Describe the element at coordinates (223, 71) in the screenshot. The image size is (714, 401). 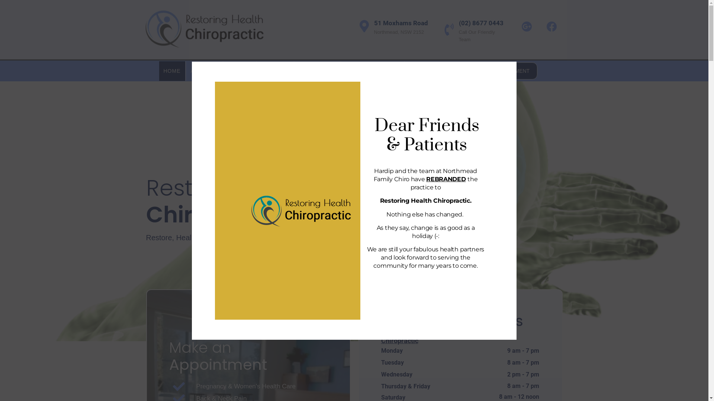
I see `'TEAM'` at that location.